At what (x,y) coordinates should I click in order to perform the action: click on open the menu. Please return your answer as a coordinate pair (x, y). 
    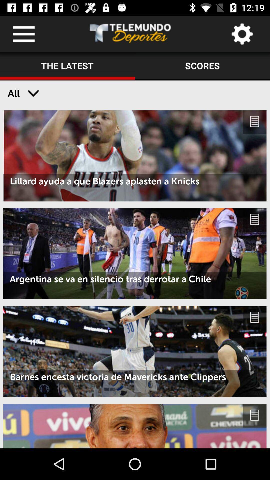
    Looking at the image, I should click on (23, 34).